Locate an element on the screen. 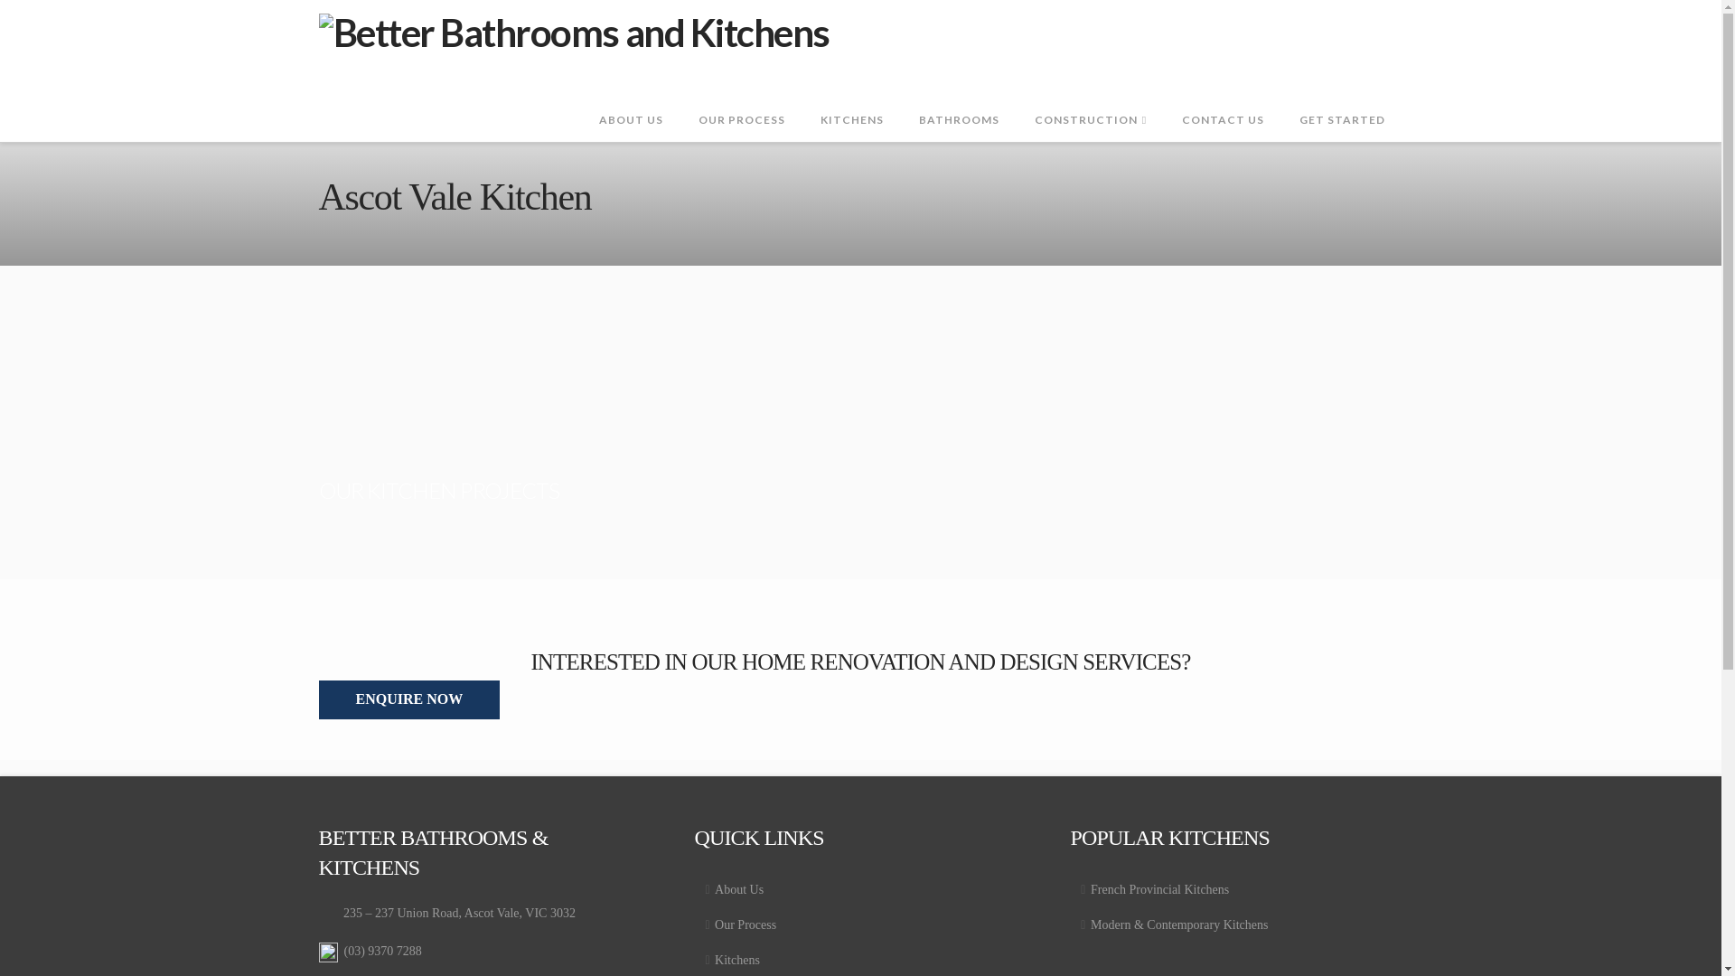  'ABOUT US' is located at coordinates (581, 100).